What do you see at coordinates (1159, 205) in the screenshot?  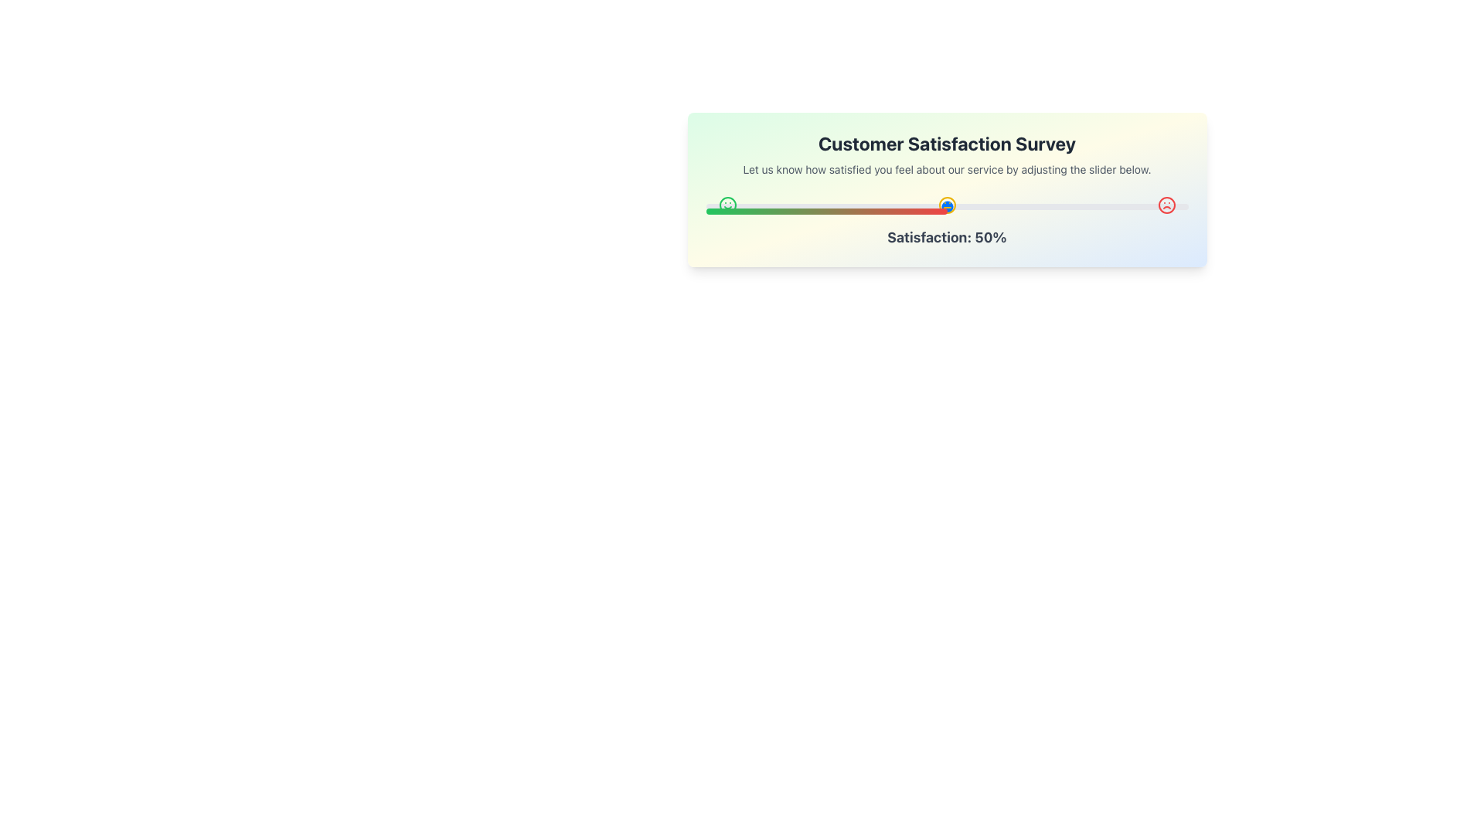 I see `customer satisfaction level` at bounding box center [1159, 205].